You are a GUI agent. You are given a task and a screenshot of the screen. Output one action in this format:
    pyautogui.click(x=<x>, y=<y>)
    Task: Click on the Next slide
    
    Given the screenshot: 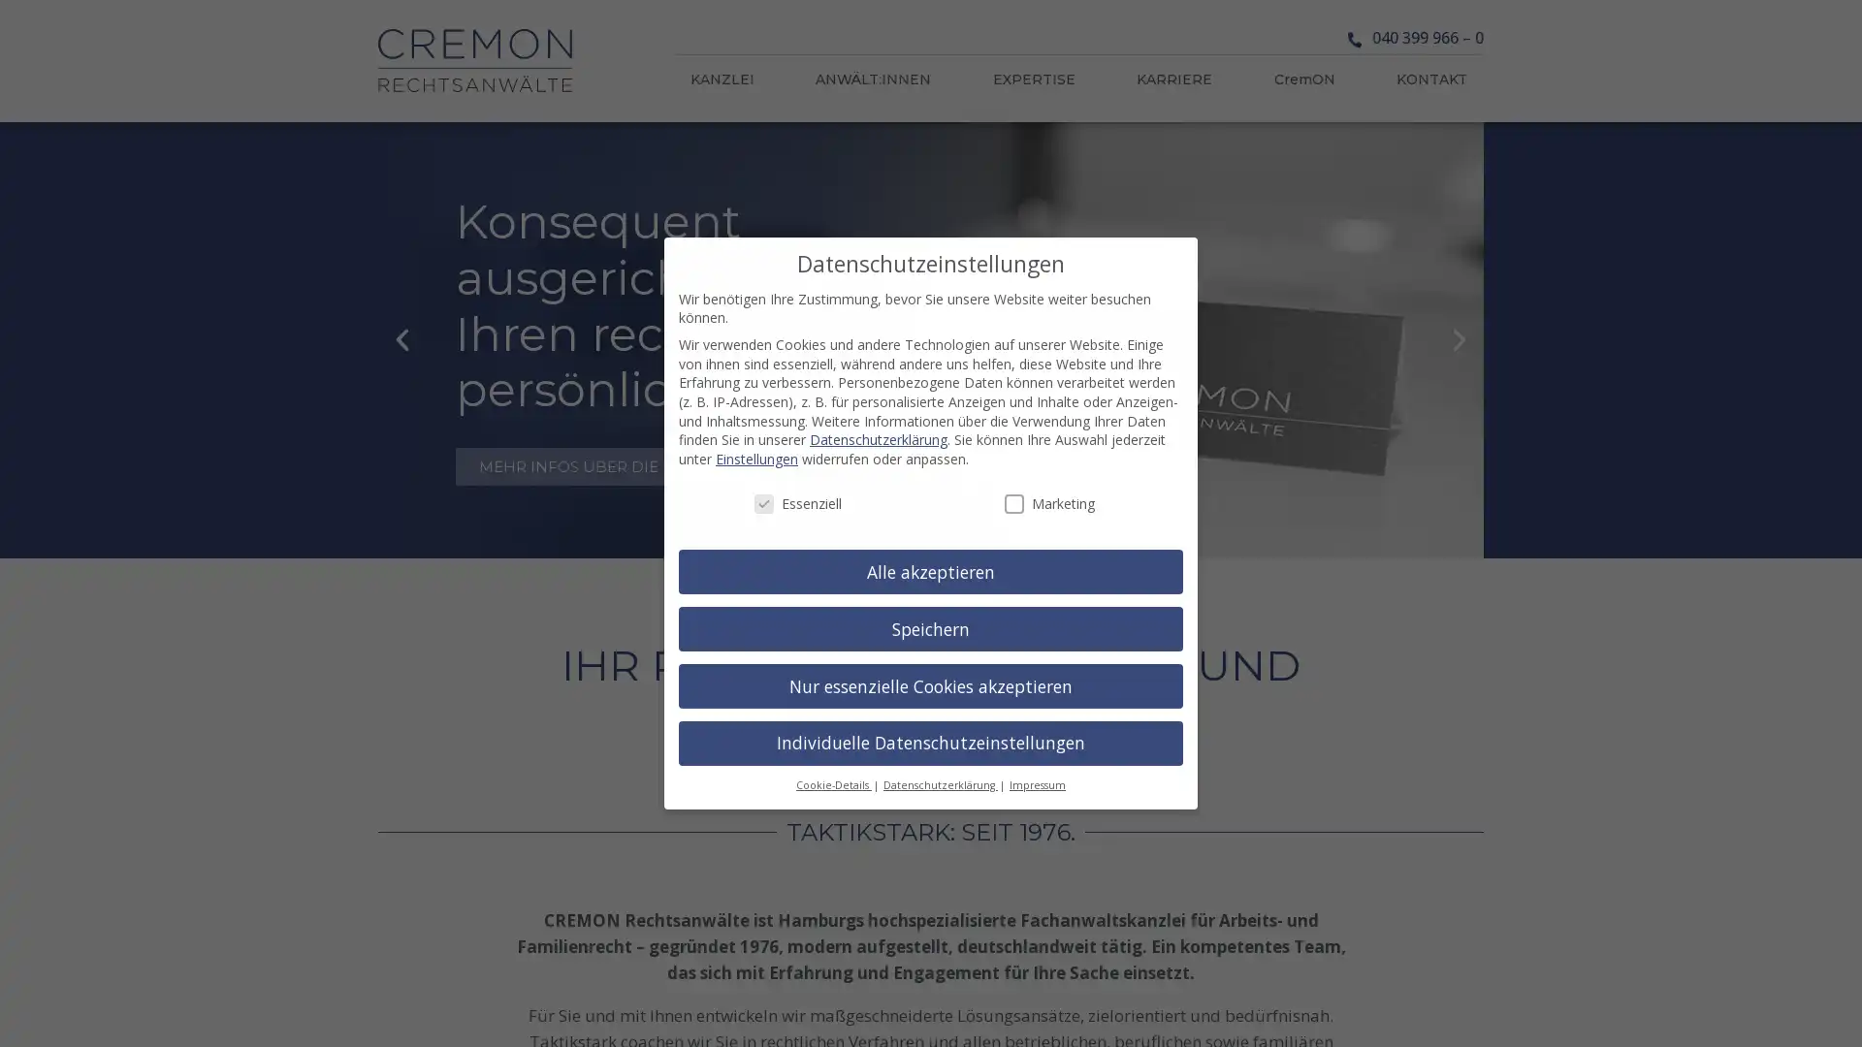 What is the action you would take?
    pyautogui.click(x=1460, y=338)
    